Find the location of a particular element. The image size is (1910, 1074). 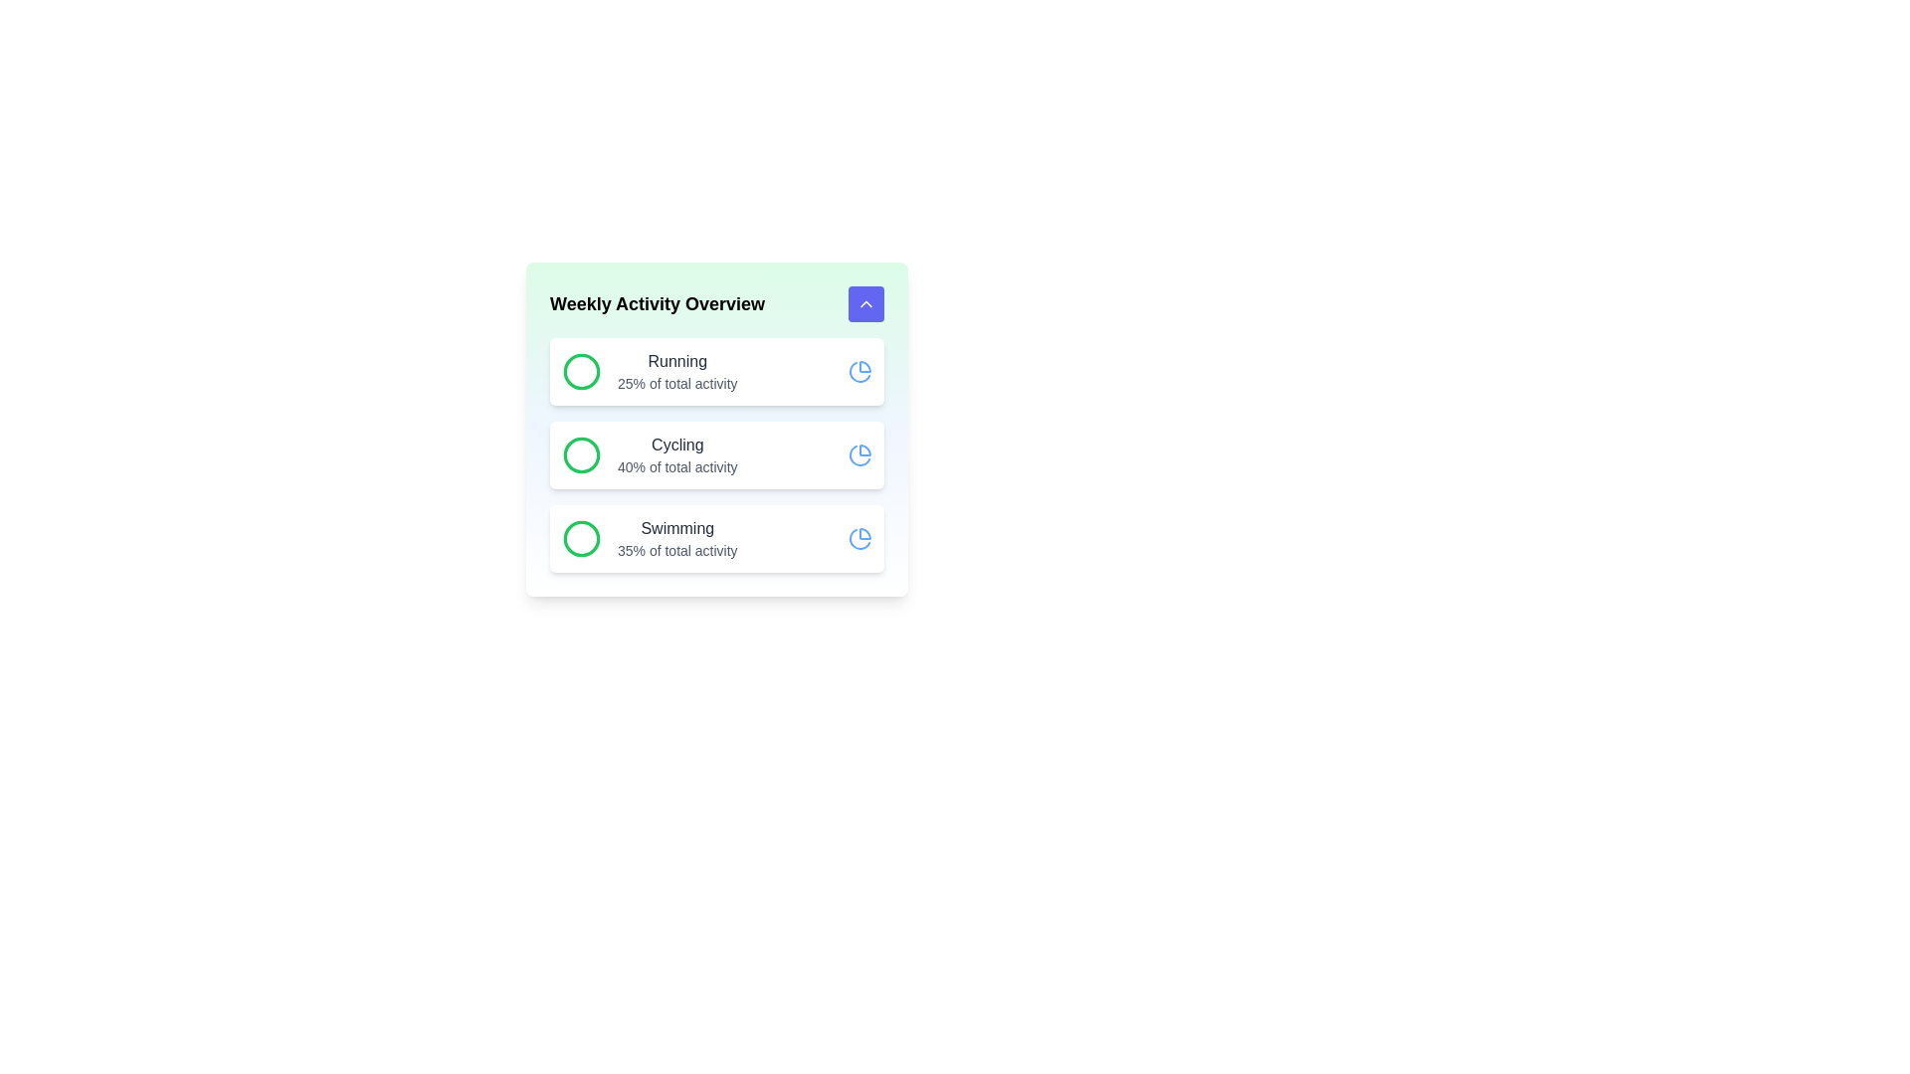

the second Information display card in the weekly activity tracker, which summarizes an activity and follows the 'Running' card is located at coordinates (716, 455).